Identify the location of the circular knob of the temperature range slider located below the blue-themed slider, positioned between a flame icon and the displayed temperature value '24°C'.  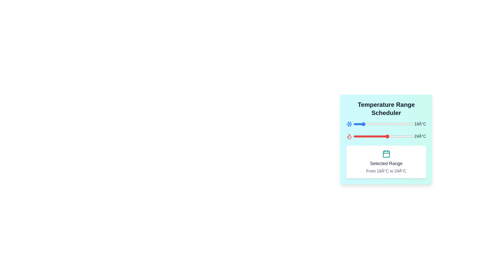
(383, 136).